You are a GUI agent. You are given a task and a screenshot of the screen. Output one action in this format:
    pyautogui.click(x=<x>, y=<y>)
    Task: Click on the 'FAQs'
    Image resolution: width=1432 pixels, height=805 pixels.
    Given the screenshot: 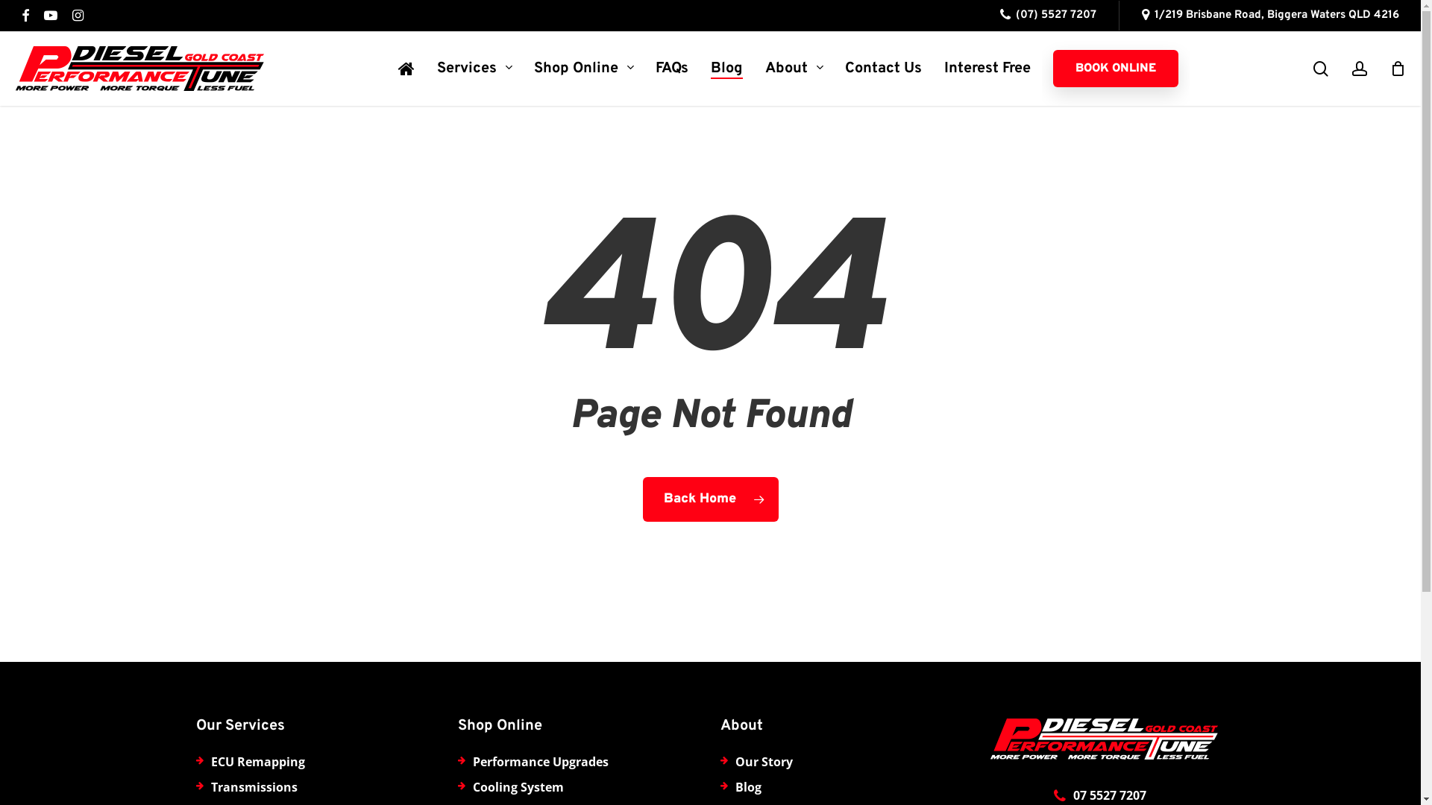 What is the action you would take?
    pyautogui.click(x=671, y=69)
    